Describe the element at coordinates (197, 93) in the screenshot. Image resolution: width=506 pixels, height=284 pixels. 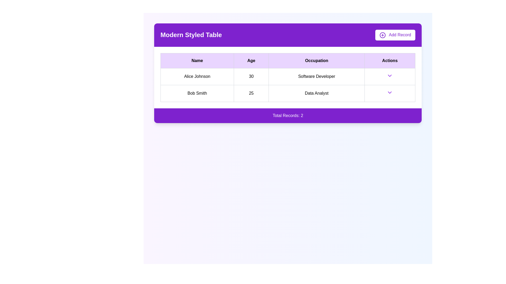
I see `the static text element containing 'Bob Smith' located in the second row of the table under the column 'Name'` at that location.